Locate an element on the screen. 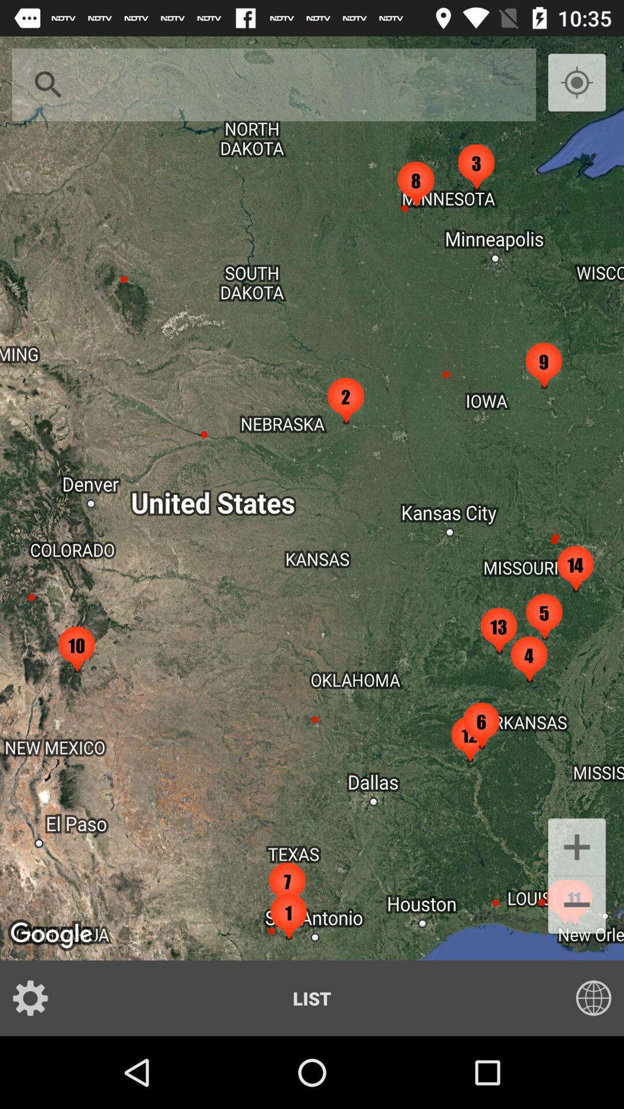  the item at the center is located at coordinates (312, 498).